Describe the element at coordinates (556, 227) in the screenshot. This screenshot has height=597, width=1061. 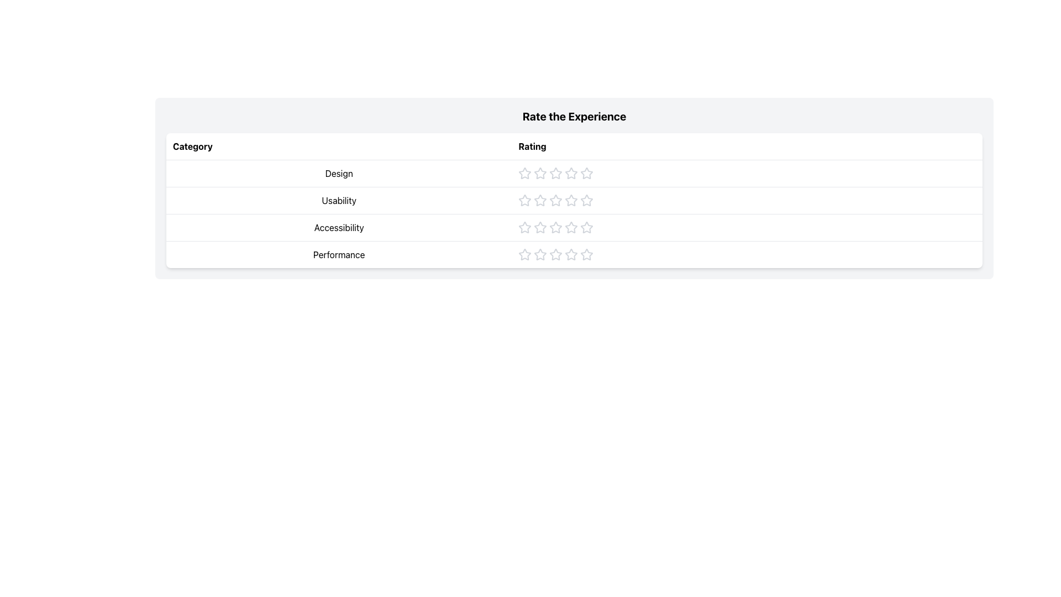
I see `the third rating star for the Accessibility category to set the rating to three stars` at that location.